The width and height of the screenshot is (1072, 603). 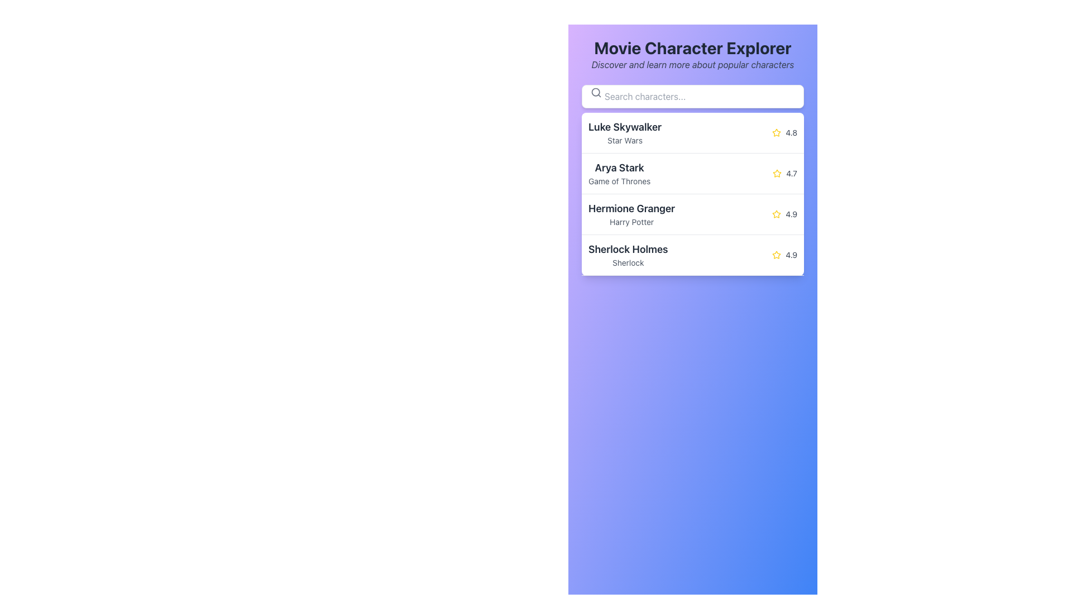 What do you see at coordinates (624, 132) in the screenshot?
I see `the label displaying 'Luke Skywalker' in bold, large font, which is part of the first entry in the vertical list of movie characters in the 'Movie Character Explorer' interface` at bounding box center [624, 132].